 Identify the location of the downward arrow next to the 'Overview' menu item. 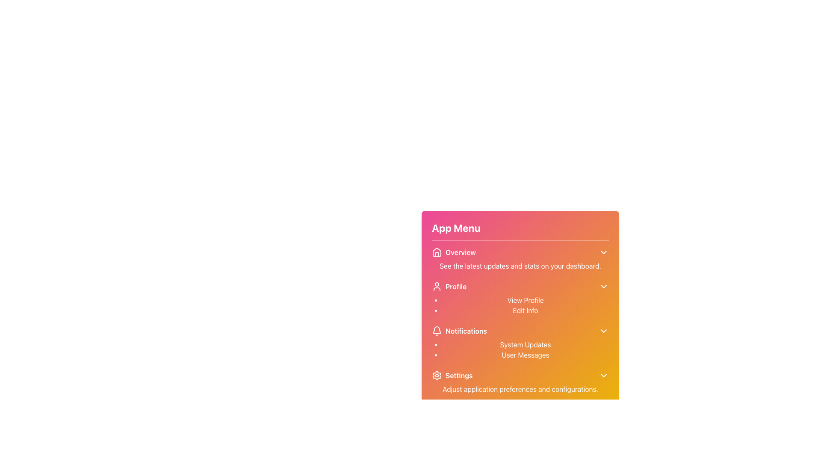
(520, 258).